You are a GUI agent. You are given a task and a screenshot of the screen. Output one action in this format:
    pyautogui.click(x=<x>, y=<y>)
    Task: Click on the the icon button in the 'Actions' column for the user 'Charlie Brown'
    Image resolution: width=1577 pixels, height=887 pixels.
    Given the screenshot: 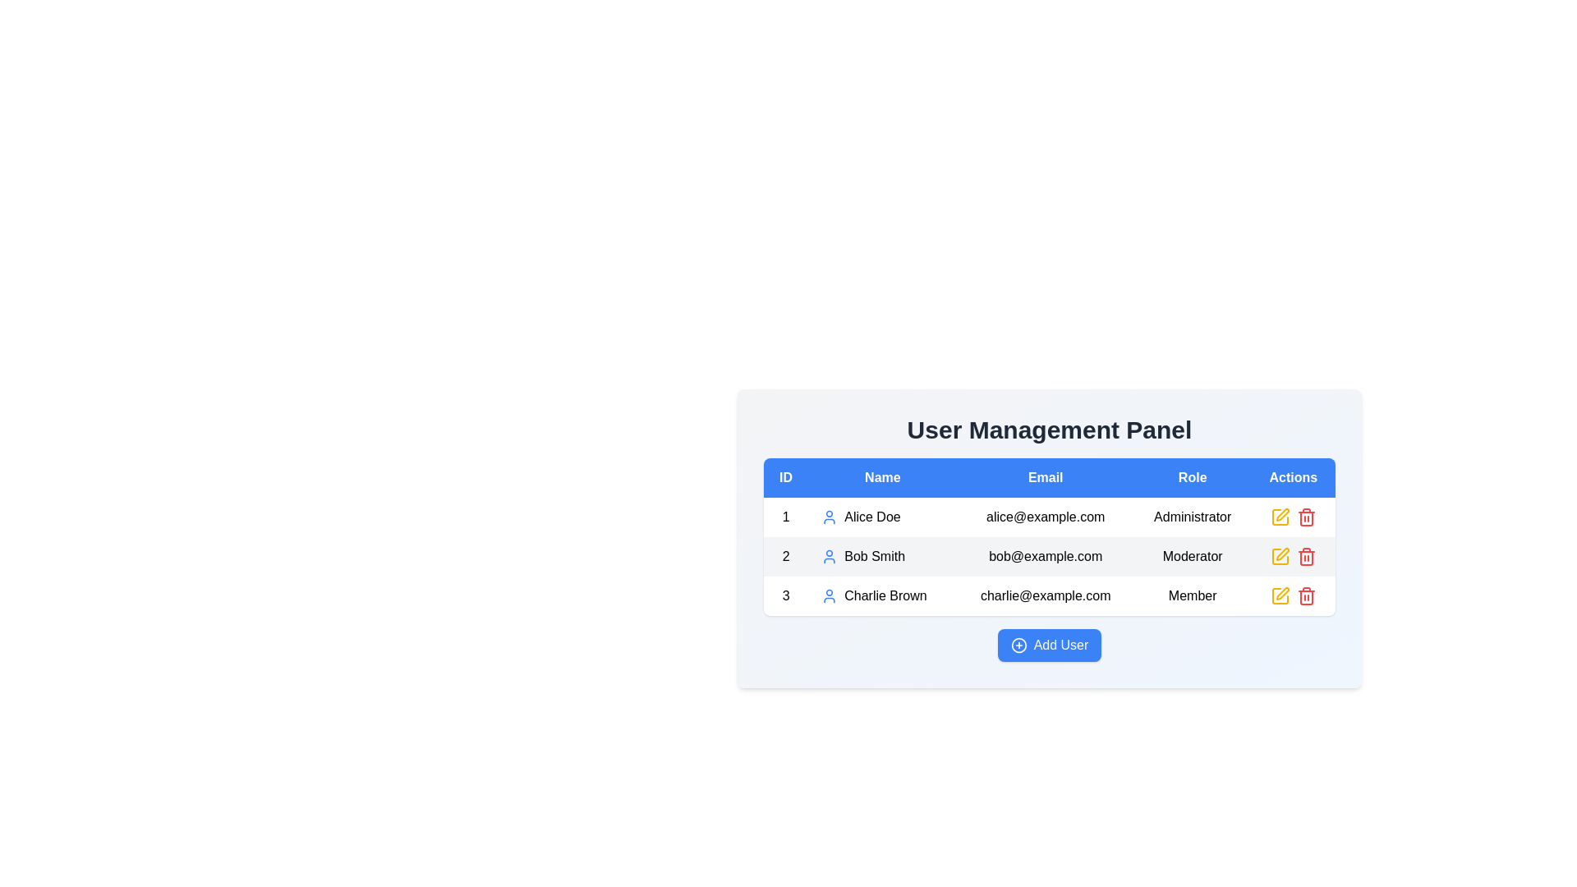 What is the action you would take?
    pyautogui.click(x=1305, y=516)
    